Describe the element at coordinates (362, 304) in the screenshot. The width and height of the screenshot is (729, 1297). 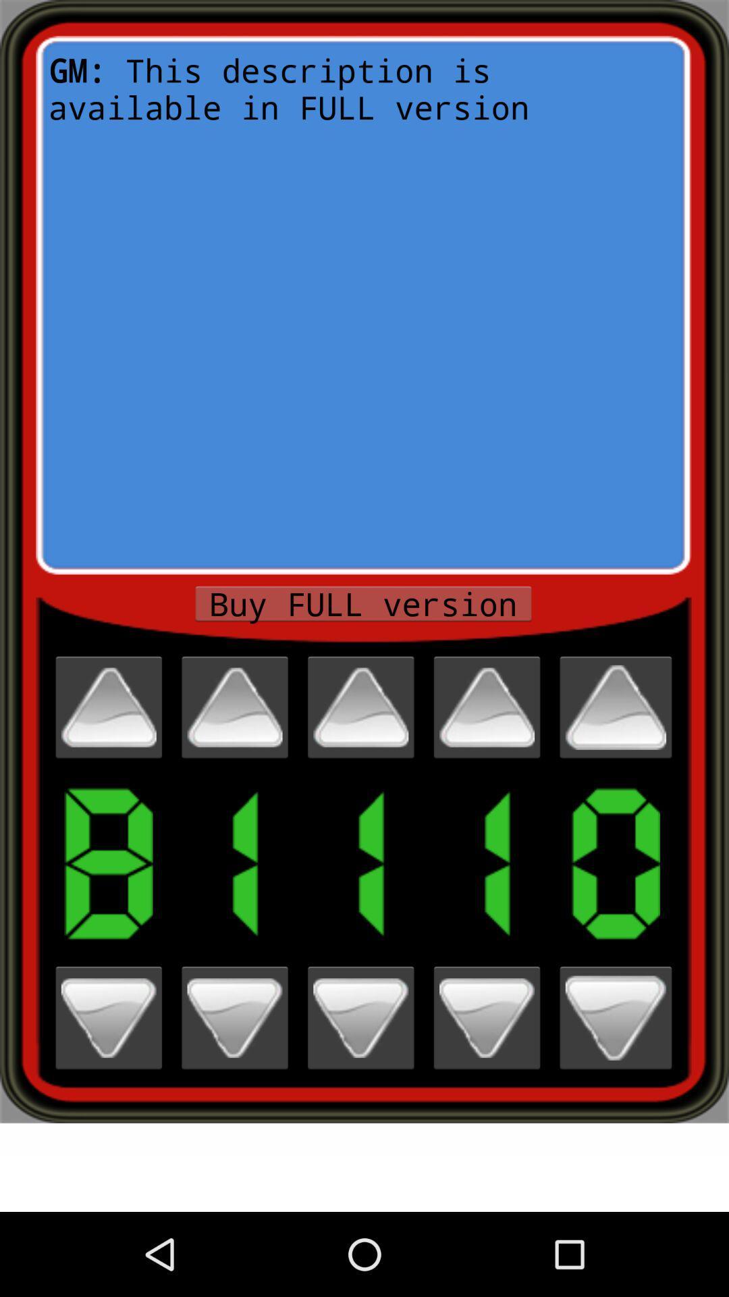
I see `gm this description app` at that location.